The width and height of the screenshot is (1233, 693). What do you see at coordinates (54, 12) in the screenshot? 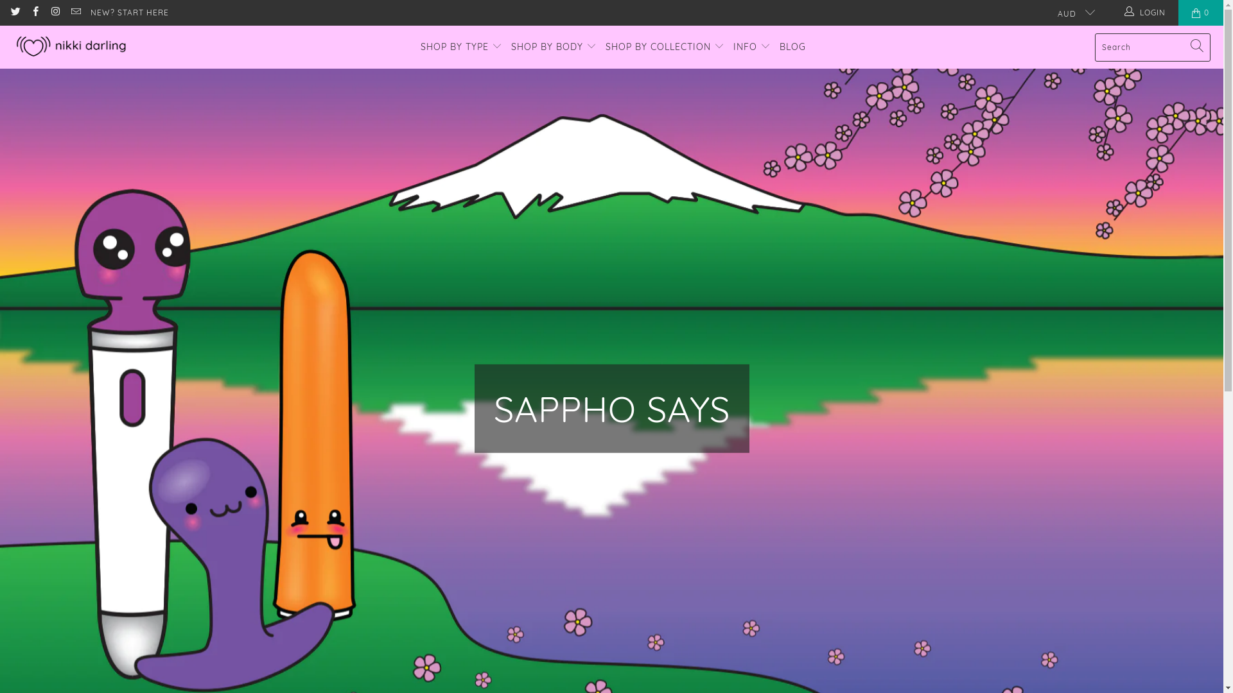
I see `'Nikki Darling on Instagram'` at bounding box center [54, 12].